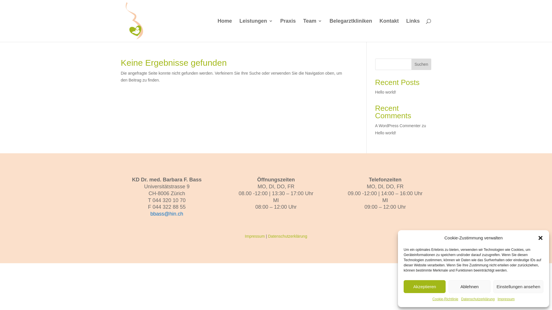  Describe the element at coordinates (397, 125) in the screenshot. I see `'A WordPress Commenter'` at that location.